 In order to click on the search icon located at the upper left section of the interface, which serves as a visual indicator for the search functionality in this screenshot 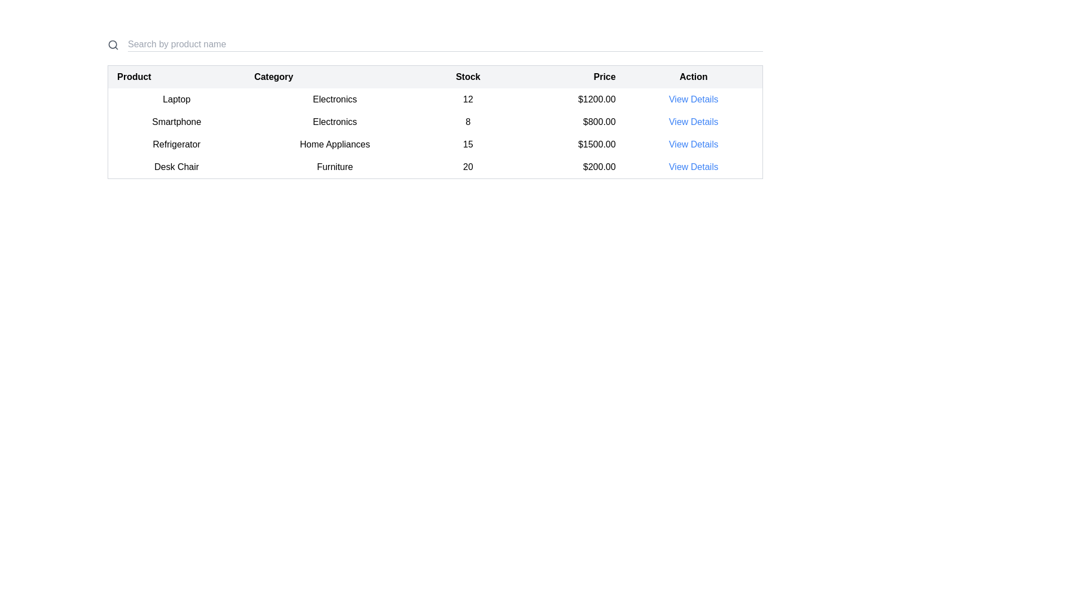, I will do `click(113, 44)`.